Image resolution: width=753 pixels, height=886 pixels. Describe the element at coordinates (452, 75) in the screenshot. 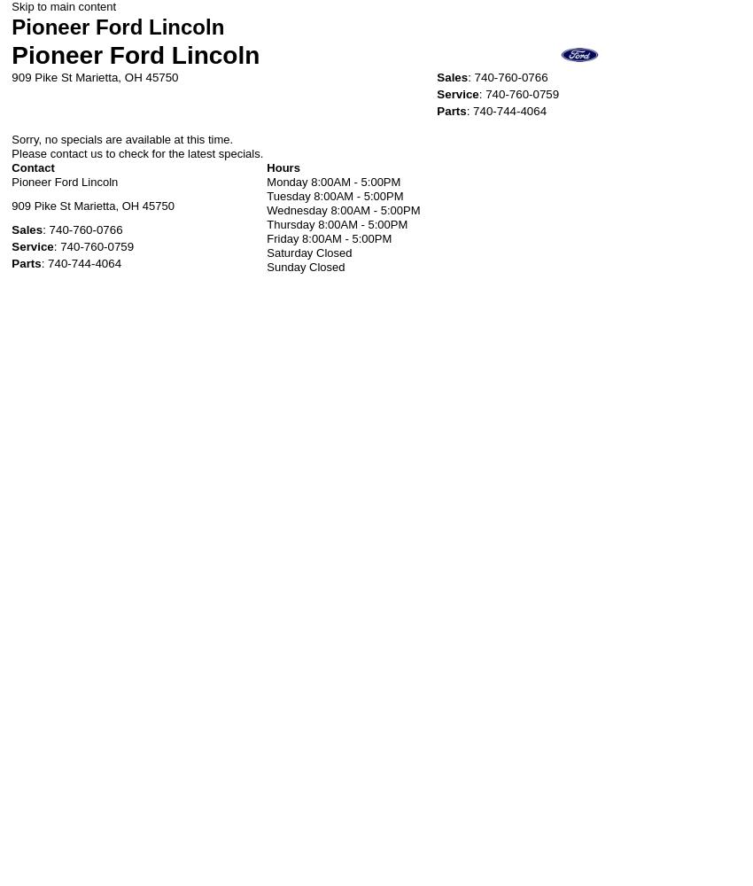

I see `'Sales'` at that location.